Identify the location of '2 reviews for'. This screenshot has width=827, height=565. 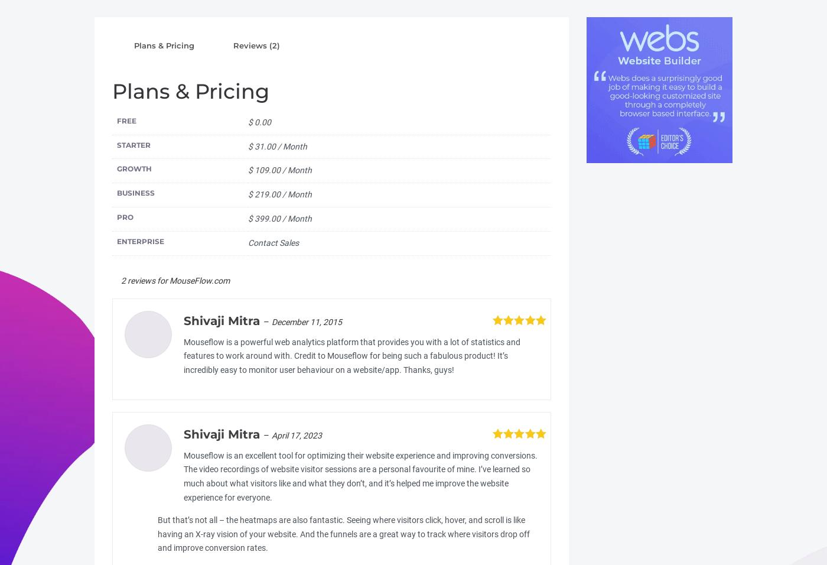
(144, 280).